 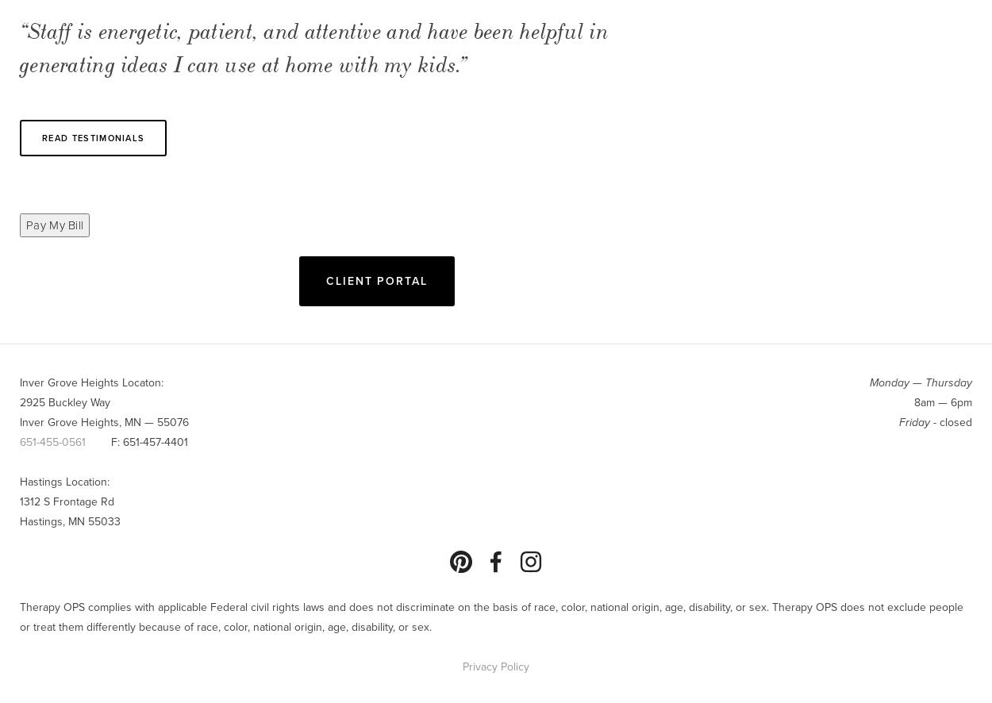 I want to click on '1312 S Frontage Rd', so click(x=20, y=501).